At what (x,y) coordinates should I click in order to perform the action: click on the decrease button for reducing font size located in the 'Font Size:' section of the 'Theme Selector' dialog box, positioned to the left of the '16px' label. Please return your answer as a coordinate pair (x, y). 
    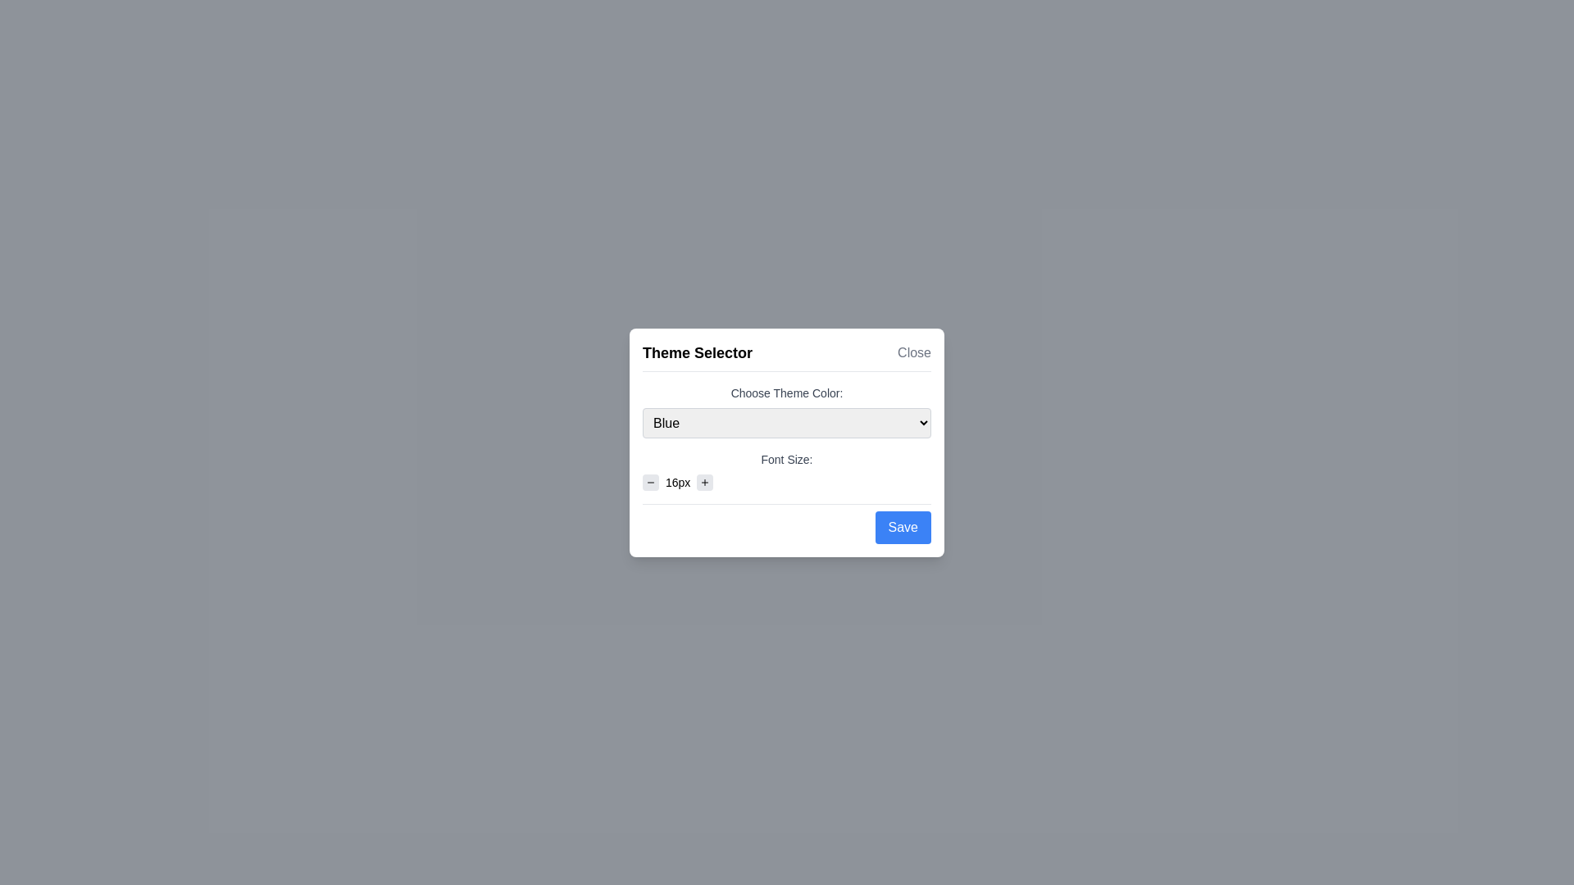
    Looking at the image, I should click on (649, 480).